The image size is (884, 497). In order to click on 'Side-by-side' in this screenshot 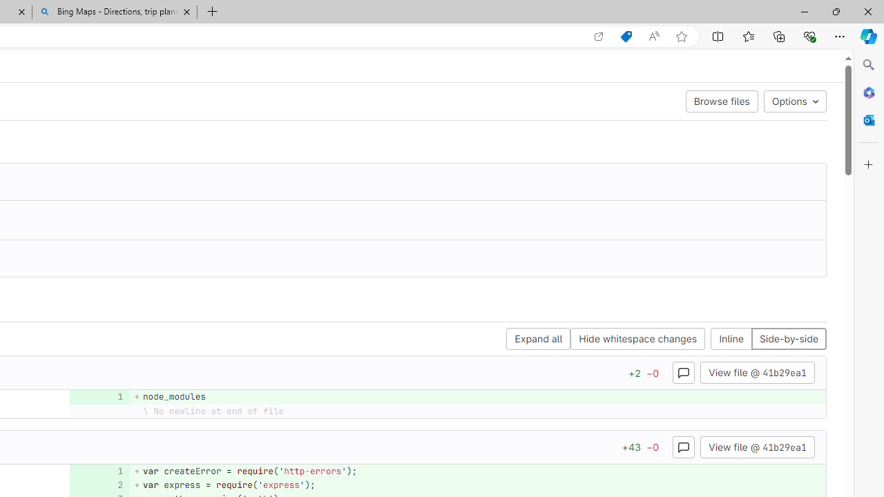, I will do `click(788, 339)`.